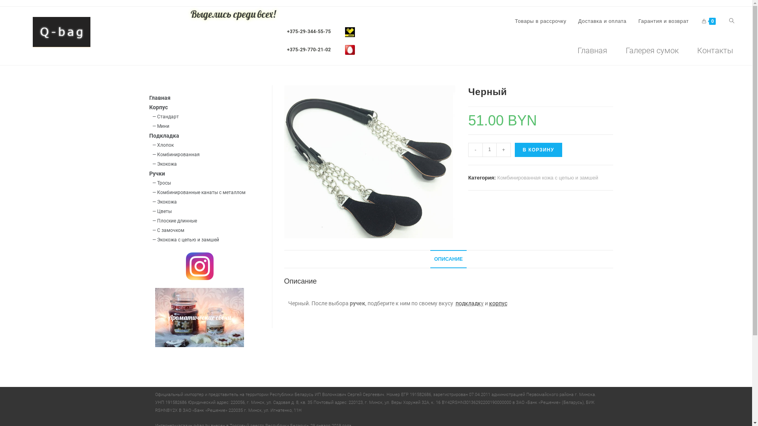 This screenshot has width=758, height=426. I want to click on 'velcom_logo', so click(345, 31).